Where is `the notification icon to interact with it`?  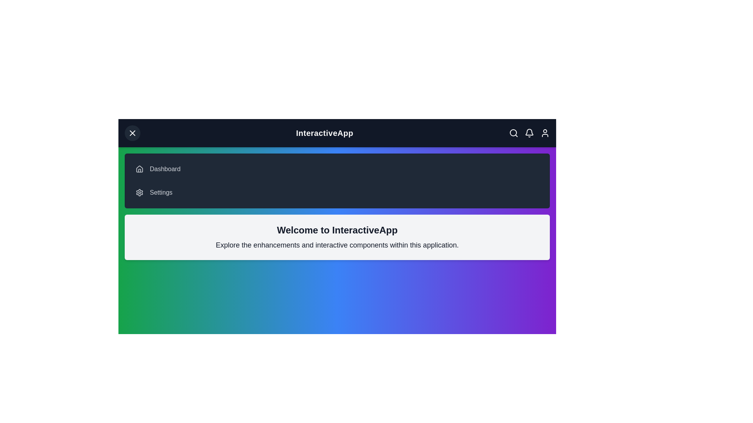
the notification icon to interact with it is located at coordinates (529, 132).